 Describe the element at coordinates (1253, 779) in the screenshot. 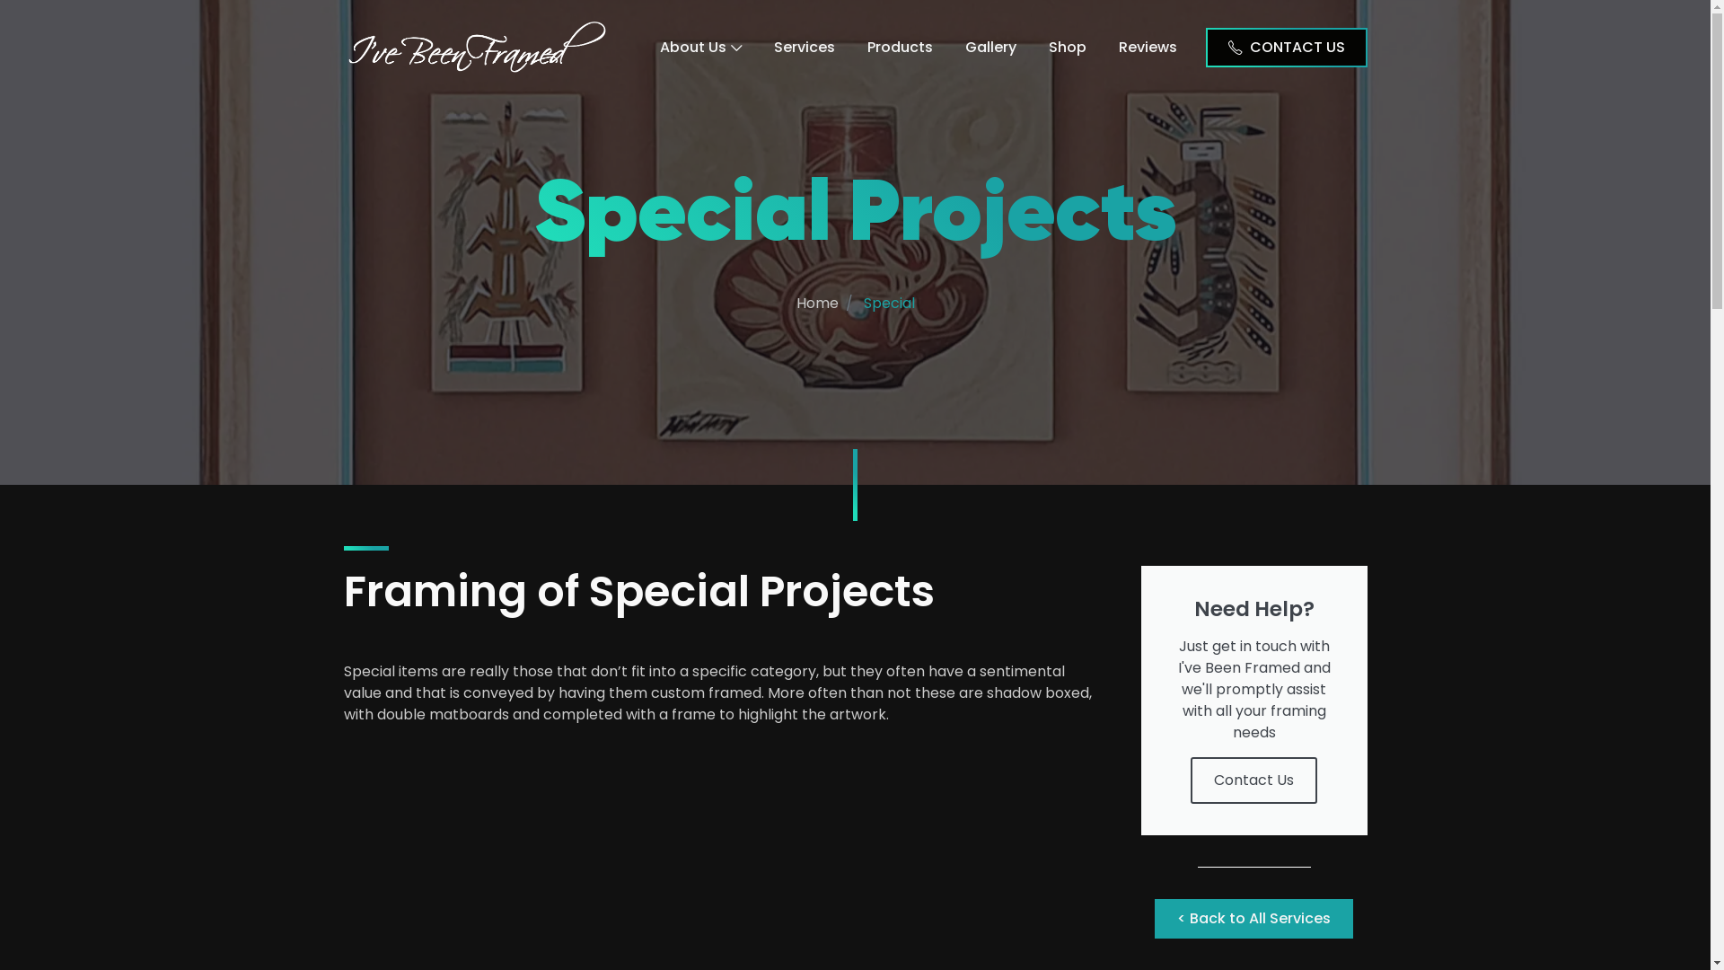

I see `'Contact Us'` at that location.